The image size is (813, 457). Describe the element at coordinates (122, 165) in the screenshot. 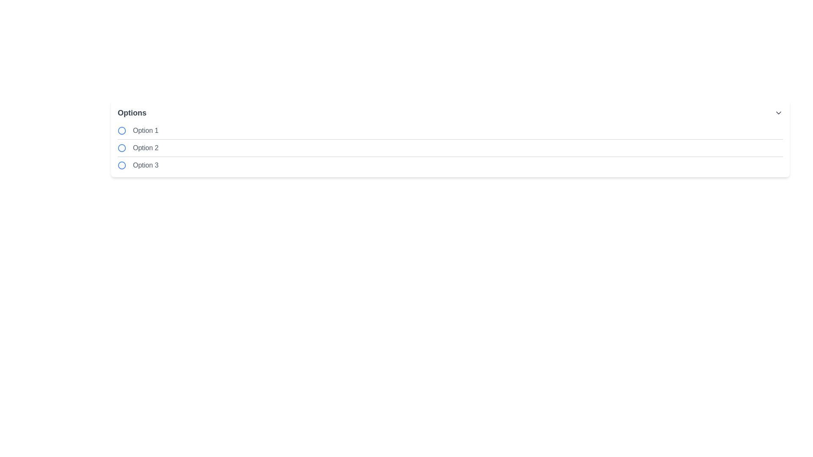

I see `the Radio button indicator for 'Option 3'` at that location.